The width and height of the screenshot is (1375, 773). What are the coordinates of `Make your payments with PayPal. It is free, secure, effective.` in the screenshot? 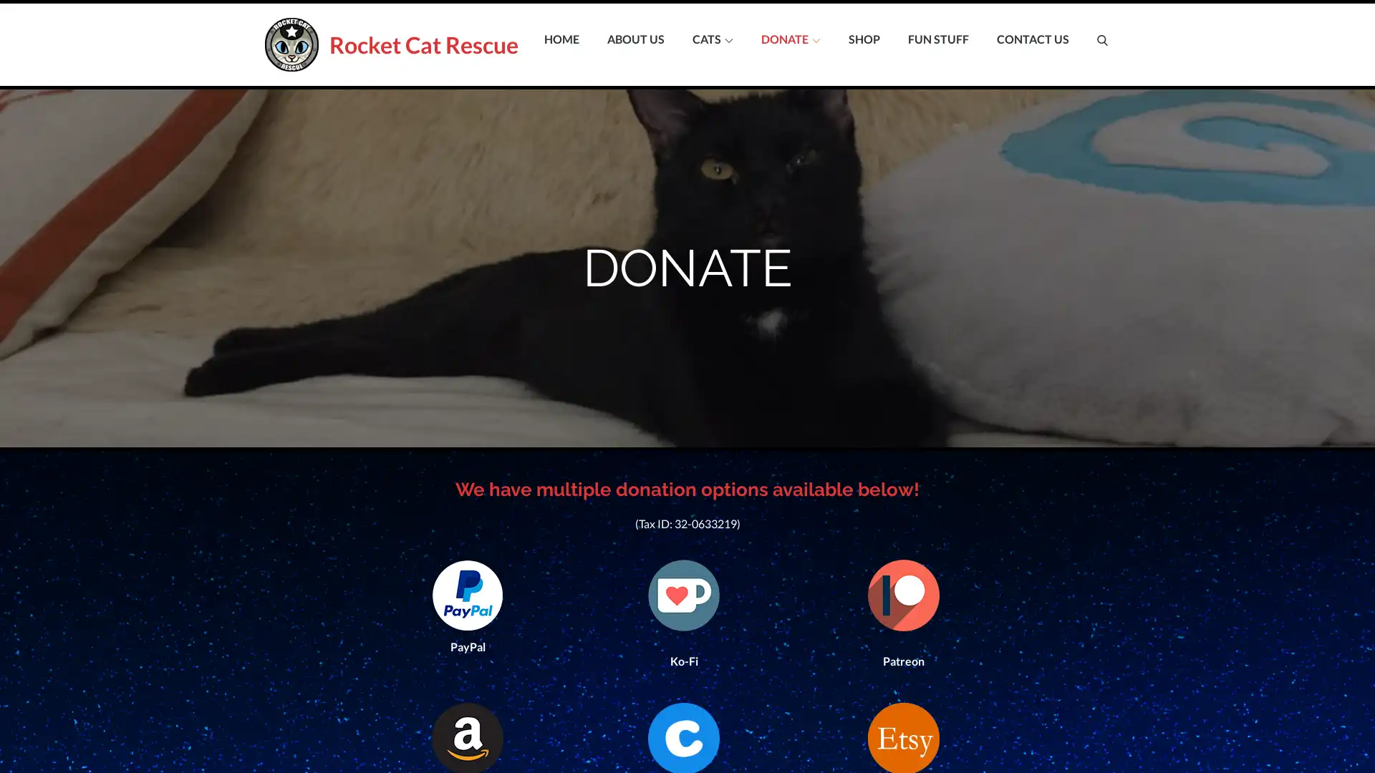 It's located at (467, 588).